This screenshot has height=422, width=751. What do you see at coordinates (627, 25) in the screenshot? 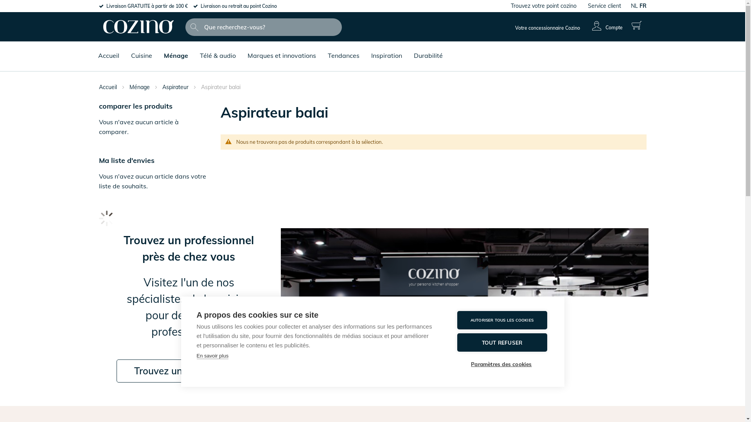
I see `'Mon panier'` at bounding box center [627, 25].